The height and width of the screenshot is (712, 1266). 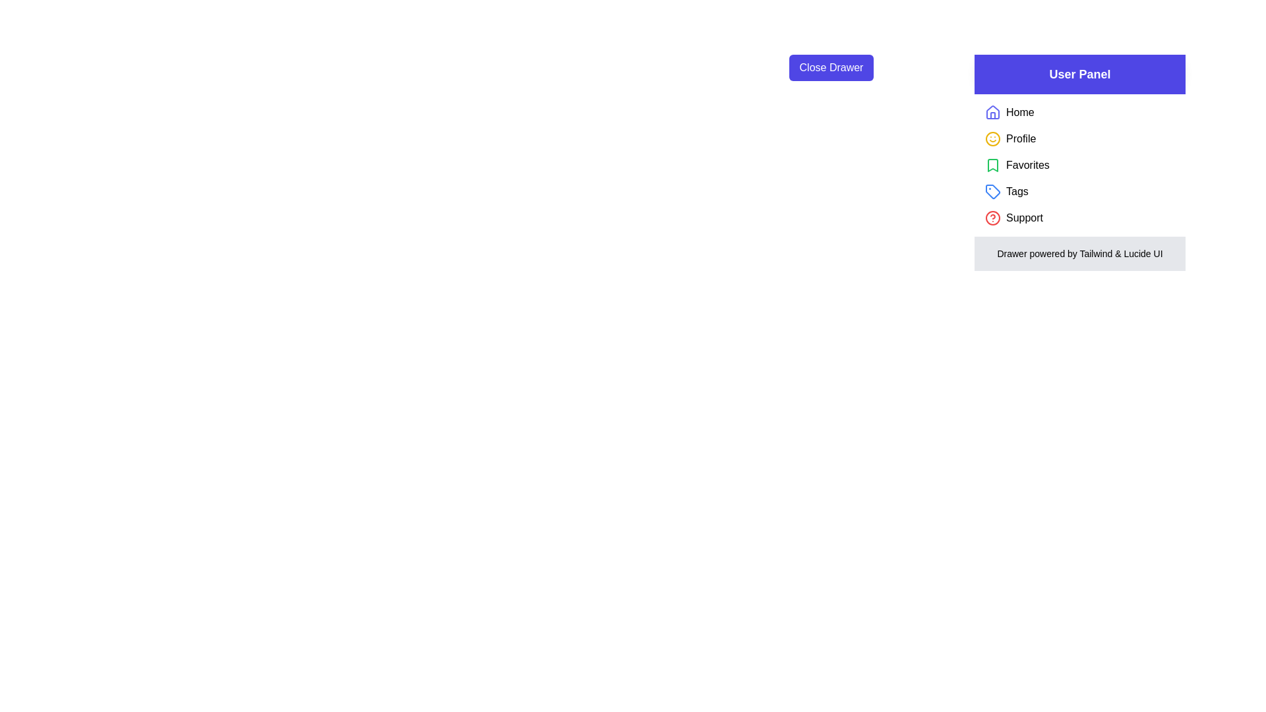 What do you see at coordinates (1079, 254) in the screenshot?
I see `the footer area to view its information` at bounding box center [1079, 254].